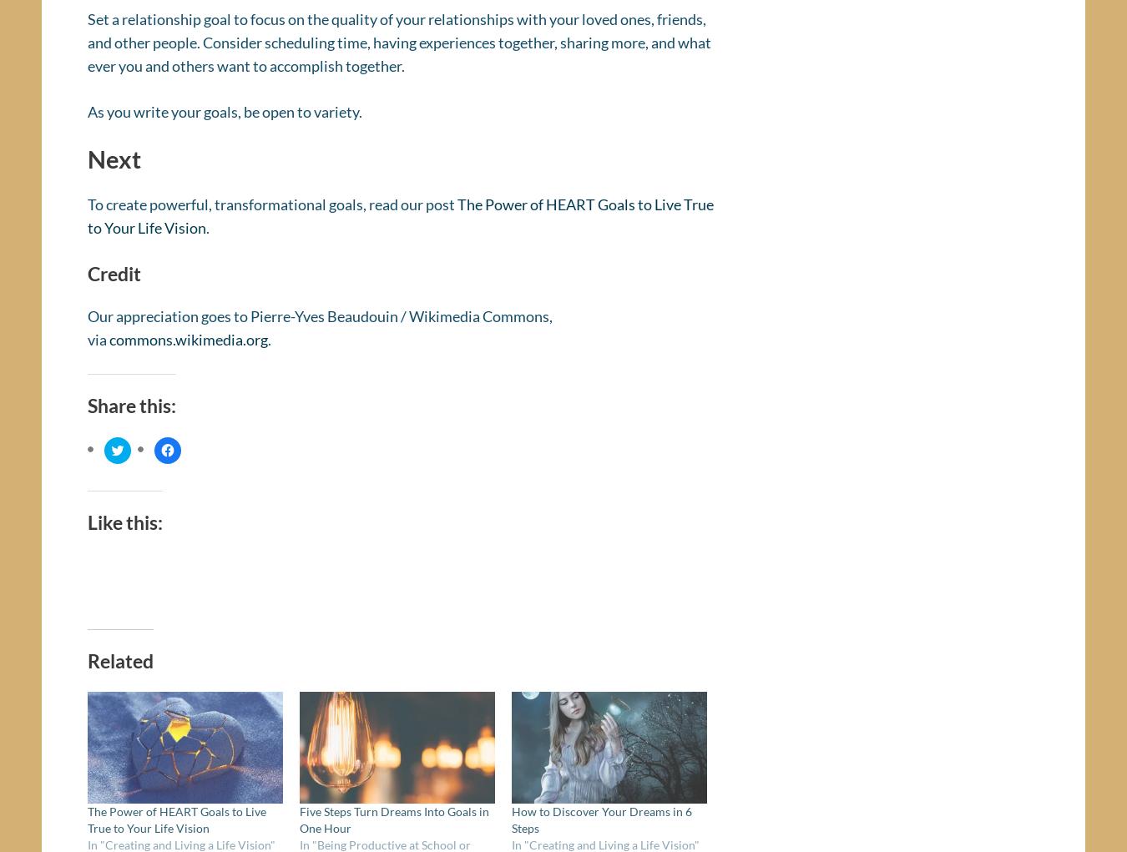 This screenshot has height=852, width=1127. I want to click on 'Related', so click(87, 665).